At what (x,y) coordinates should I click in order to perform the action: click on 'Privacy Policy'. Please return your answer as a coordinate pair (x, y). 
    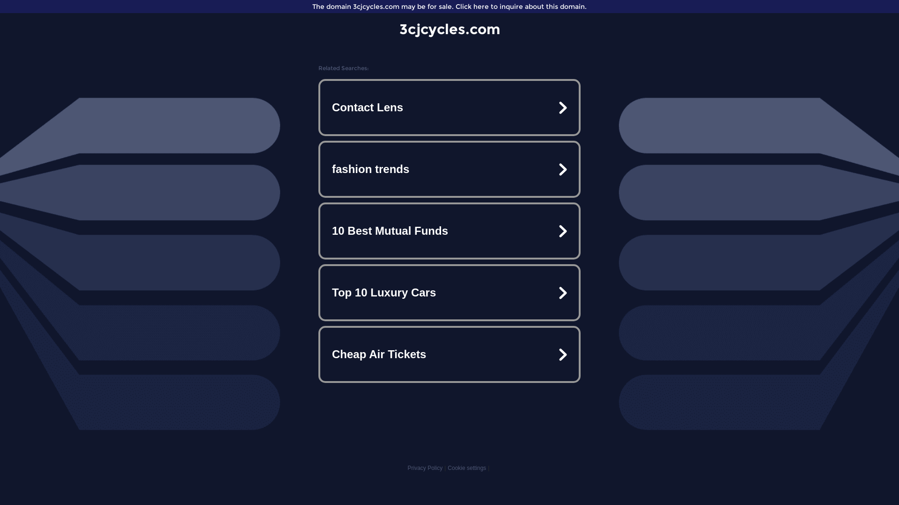
    Looking at the image, I should click on (407, 468).